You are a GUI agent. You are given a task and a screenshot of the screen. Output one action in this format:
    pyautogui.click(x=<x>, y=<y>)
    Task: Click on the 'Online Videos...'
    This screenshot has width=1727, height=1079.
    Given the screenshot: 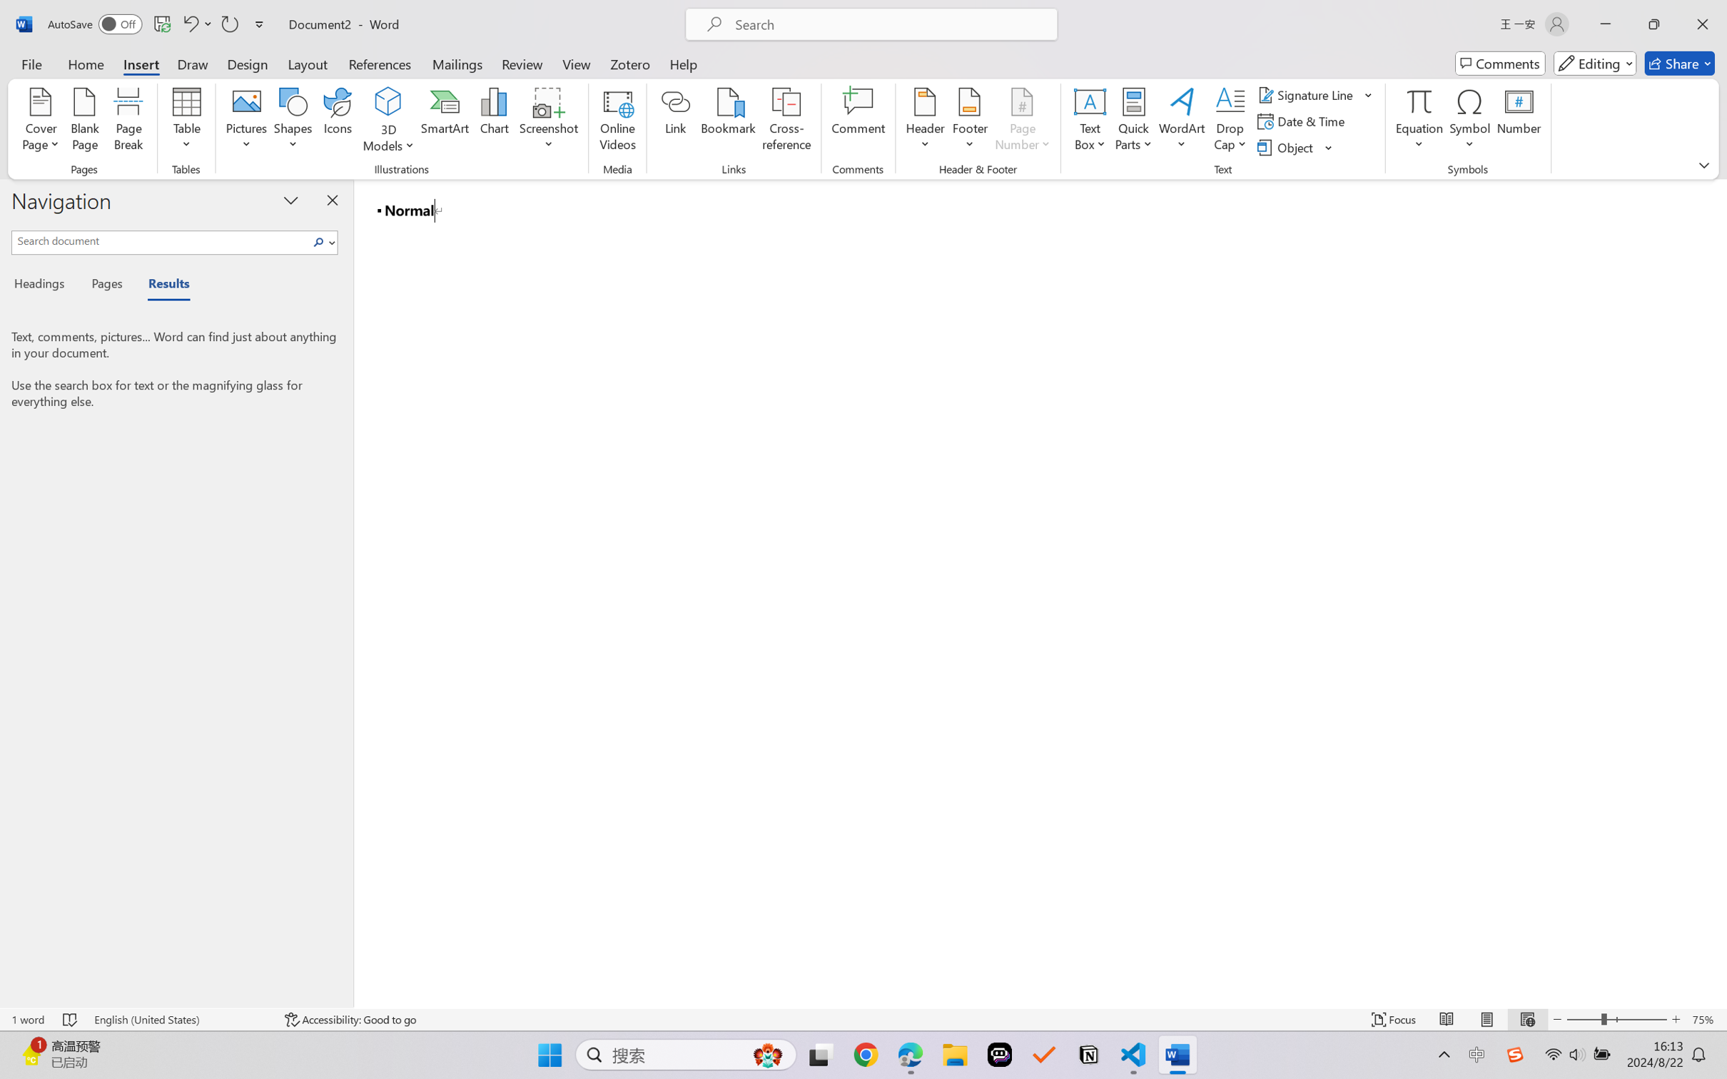 What is the action you would take?
    pyautogui.click(x=618, y=121)
    